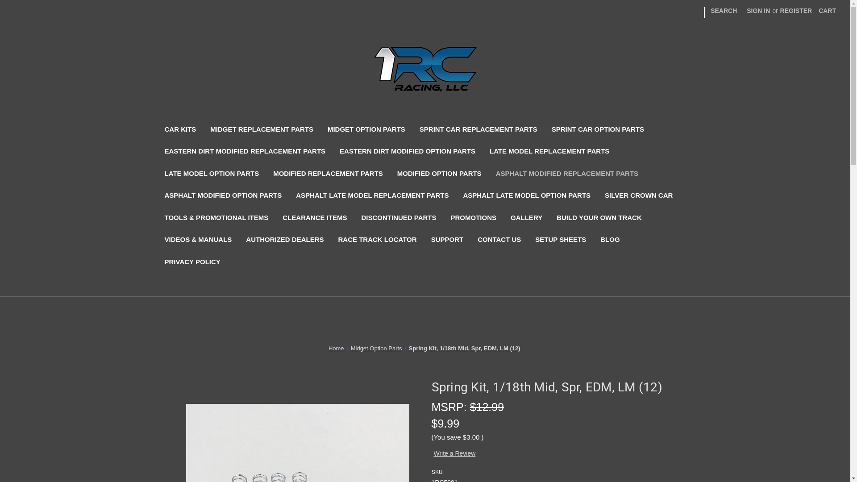 This screenshot has height=482, width=857. I want to click on 'BUILD YOUR OWN TRACK', so click(599, 219).